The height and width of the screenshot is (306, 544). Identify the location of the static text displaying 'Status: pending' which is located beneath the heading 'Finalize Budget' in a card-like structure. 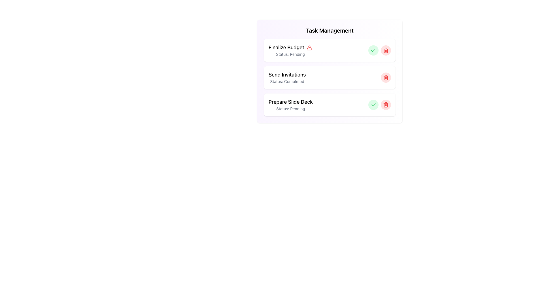
(290, 54).